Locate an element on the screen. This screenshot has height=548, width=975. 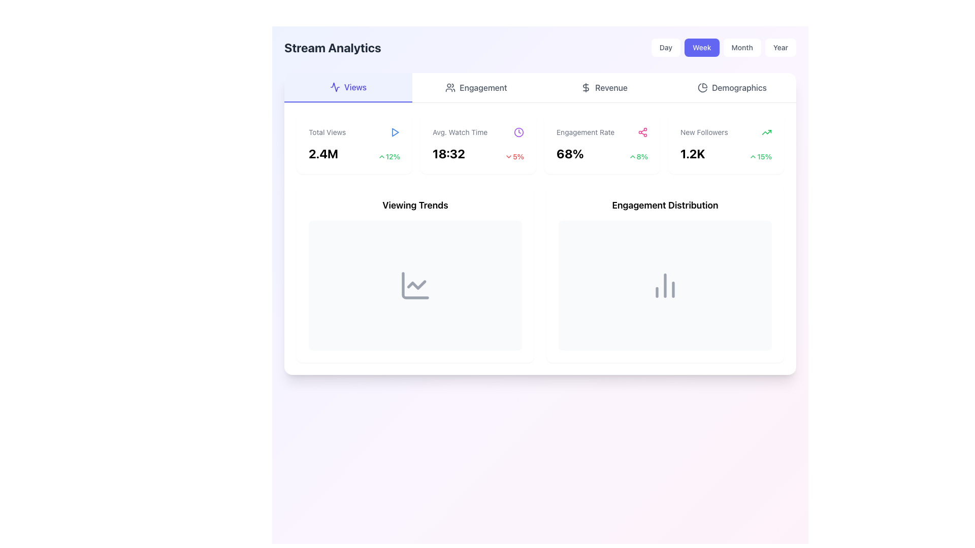
the icon depicting two human silhouettes located in the 'Engagement' tab, positioned left of the 'Engagement' text is located at coordinates (450, 87).